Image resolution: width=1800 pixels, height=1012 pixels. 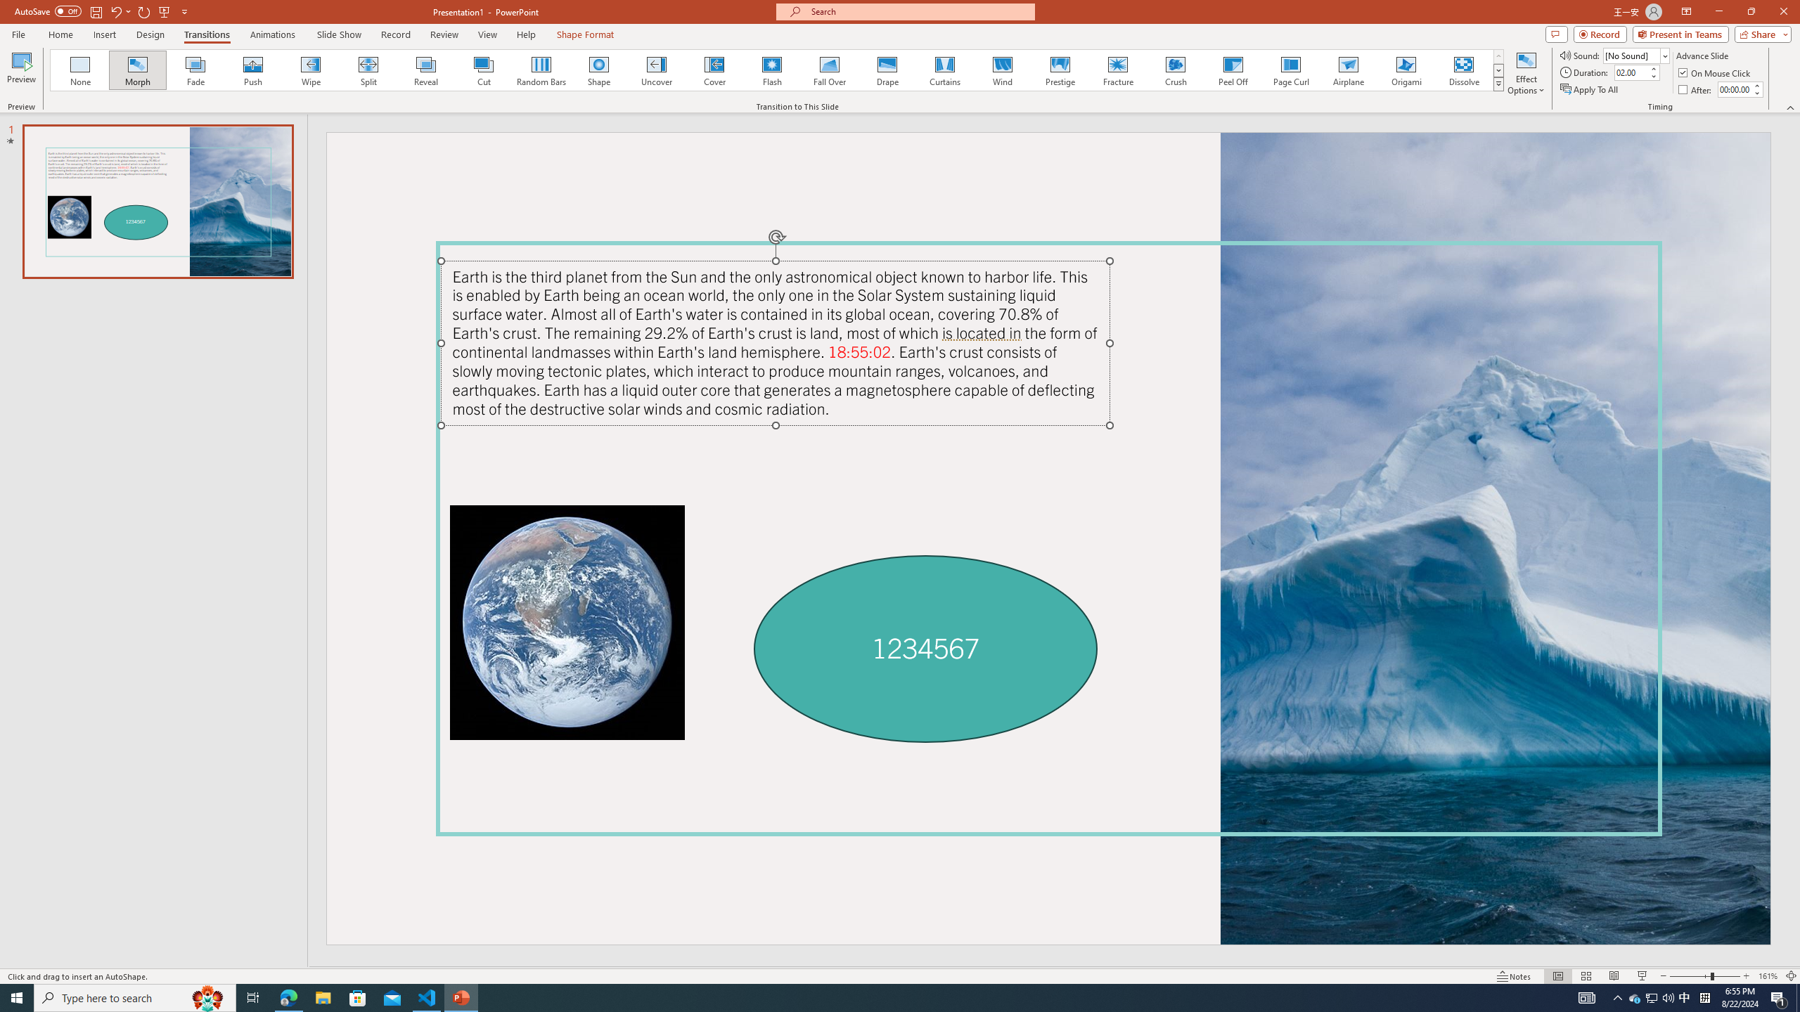 I want to click on 'Wind', so click(x=1001, y=70).